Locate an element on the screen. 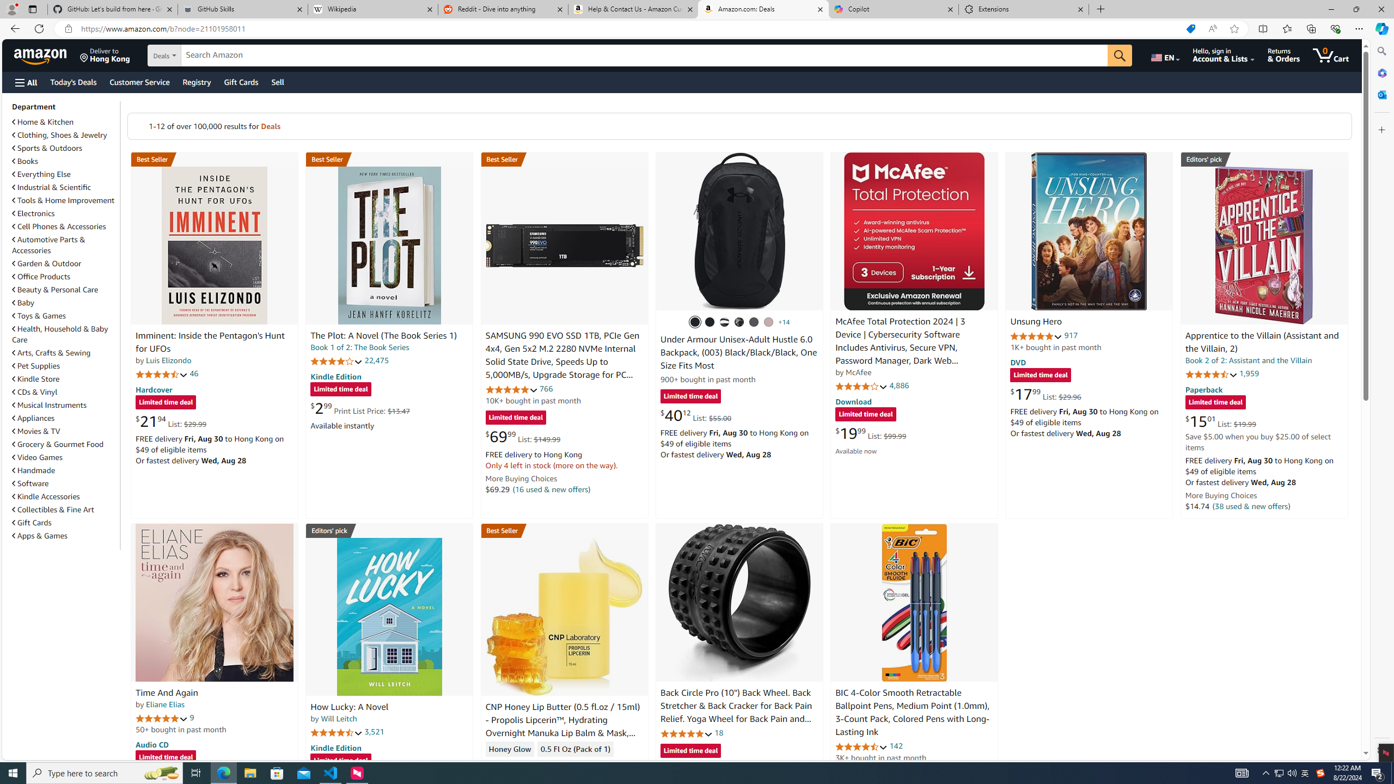  '(003) Black / Black / Black' is located at coordinates (694, 321).